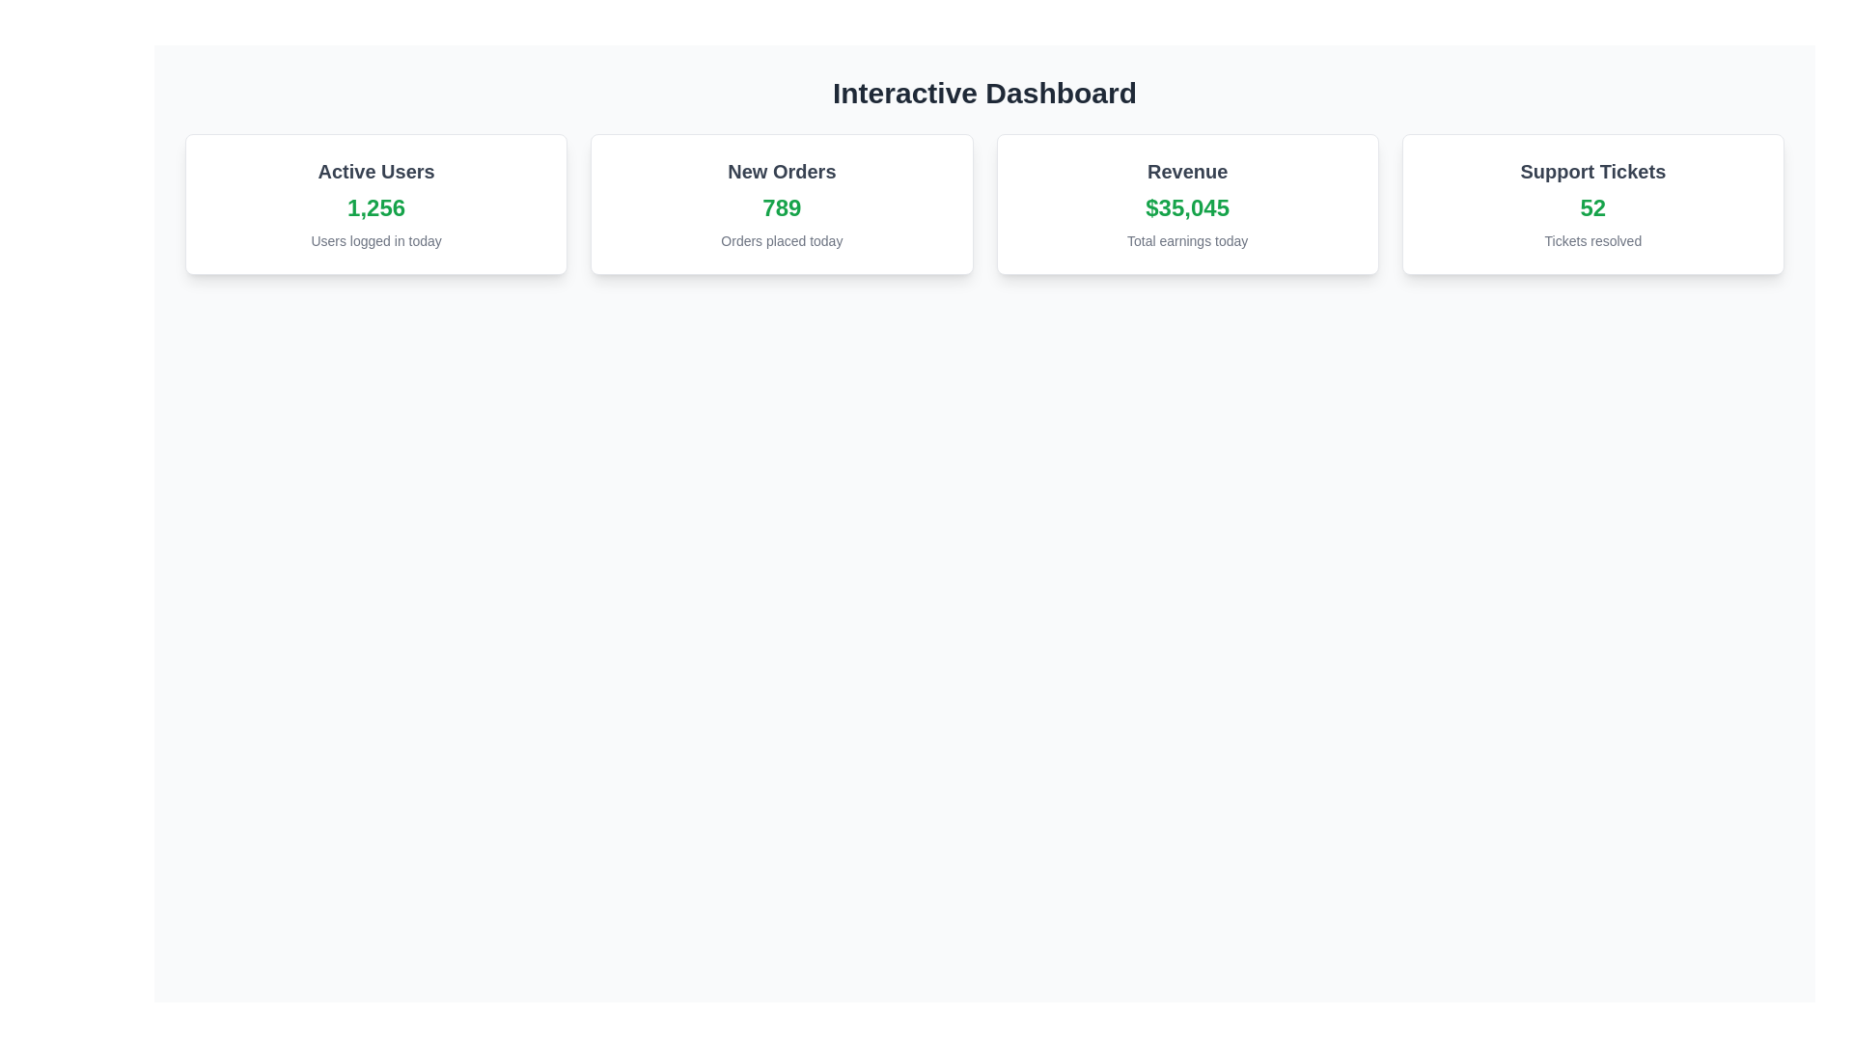  I want to click on the Information card that displays the number of active users and the summary of today's logged-in users, so click(376, 205).